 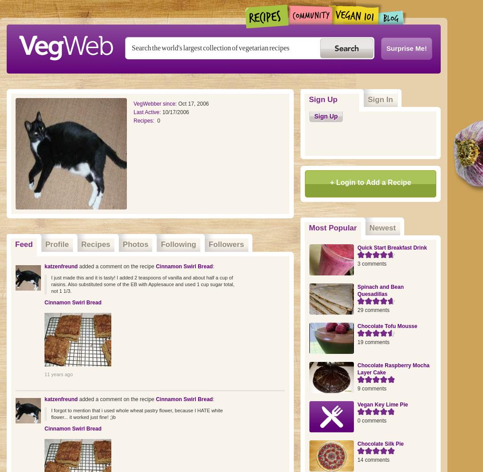 What do you see at coordinates (392, 247) in the screenshot?
I see `'Quick Start Breakfast Drink'` at bounding box center [392, 247].